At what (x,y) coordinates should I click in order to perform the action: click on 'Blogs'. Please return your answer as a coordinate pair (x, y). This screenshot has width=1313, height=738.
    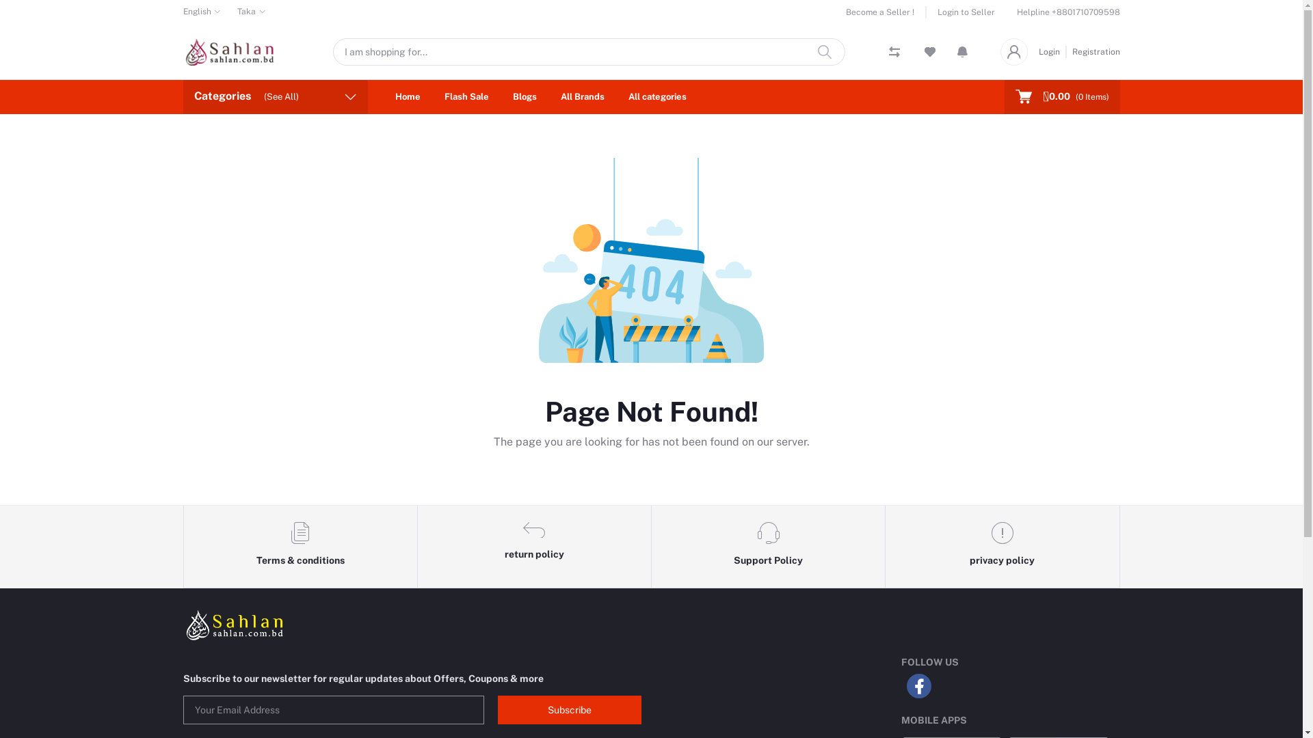
    Looking at the image, I should click on (524, 96).